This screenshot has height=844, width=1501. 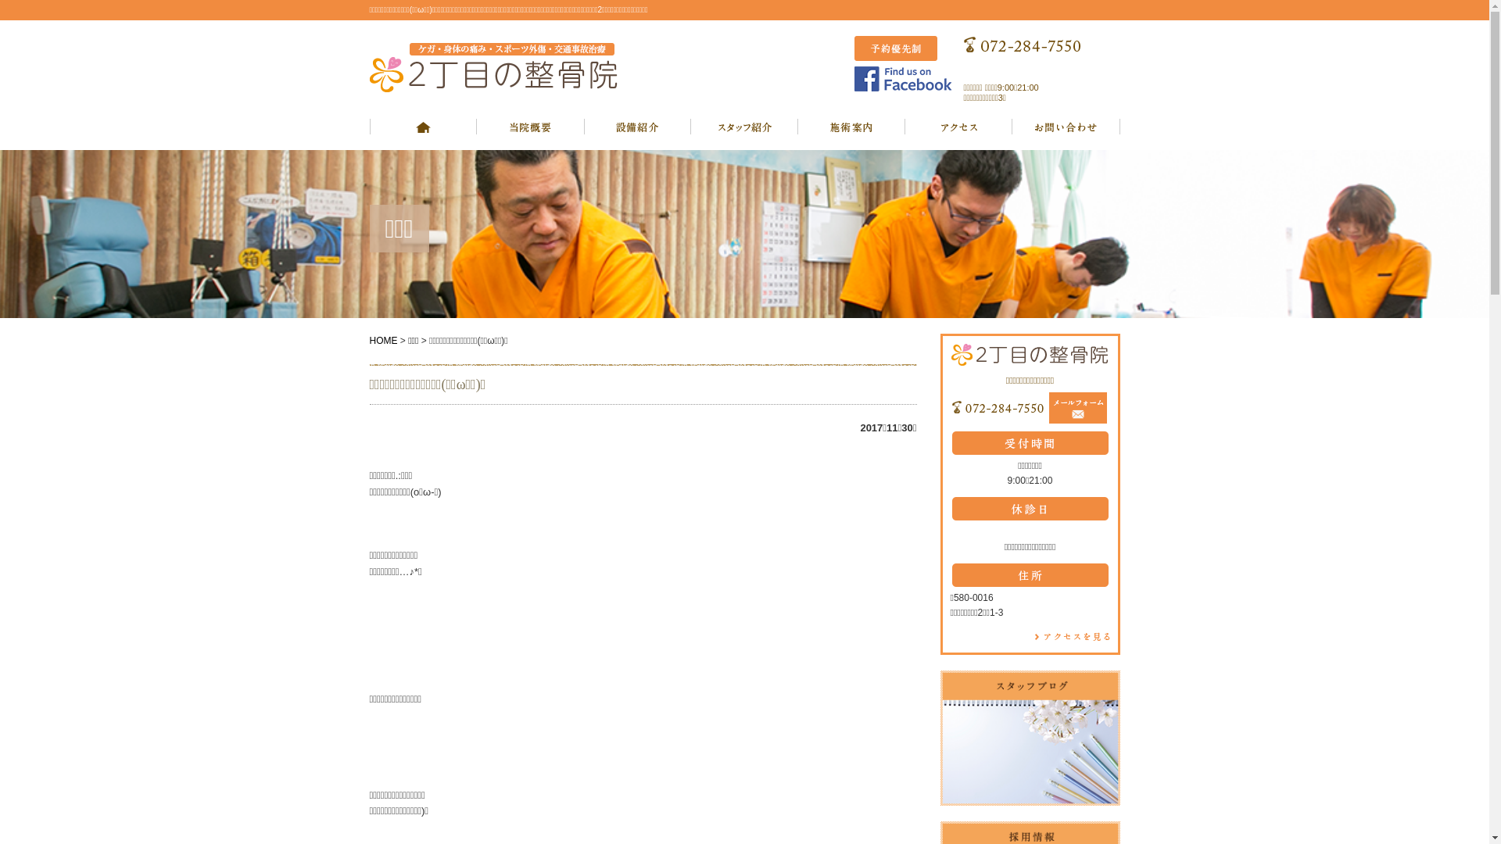 I want to click on 'HOME', so click(x=382, y=339).